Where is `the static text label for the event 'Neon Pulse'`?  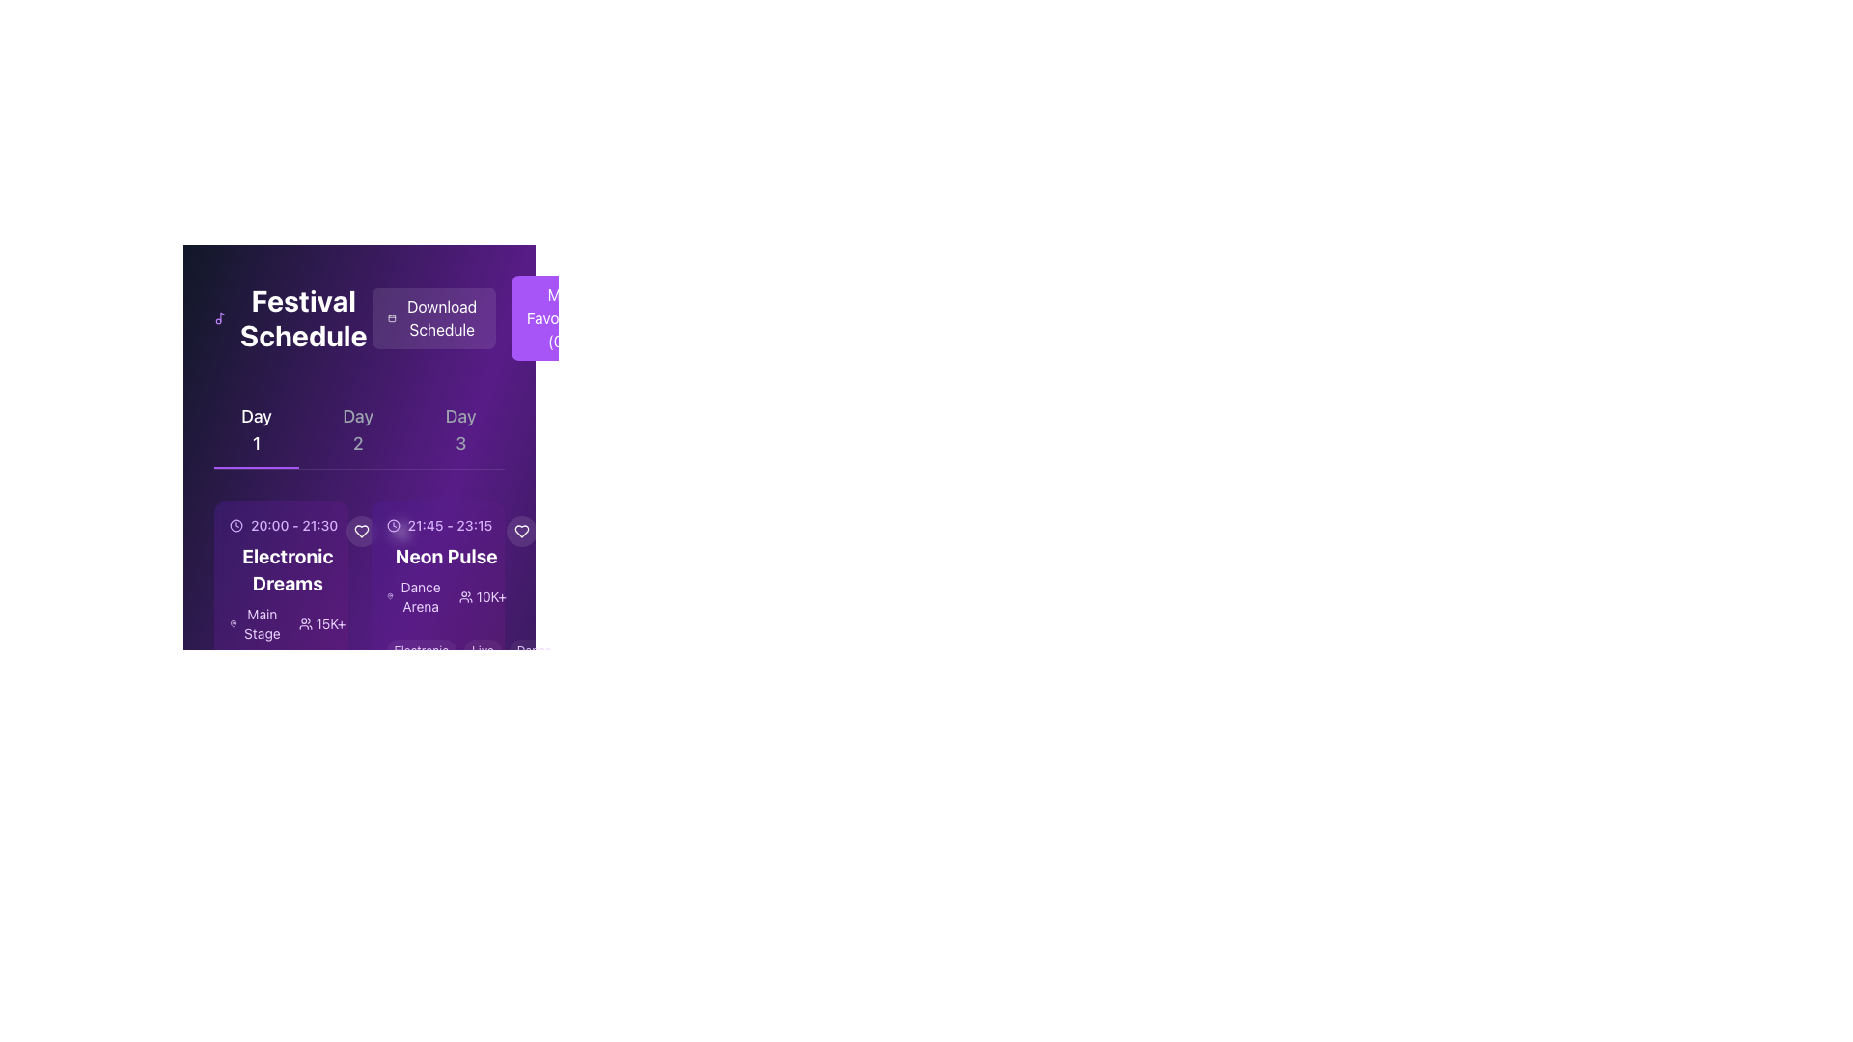
the static text label for the event 'Neon Pulse' is located at coordinates (445, 557).